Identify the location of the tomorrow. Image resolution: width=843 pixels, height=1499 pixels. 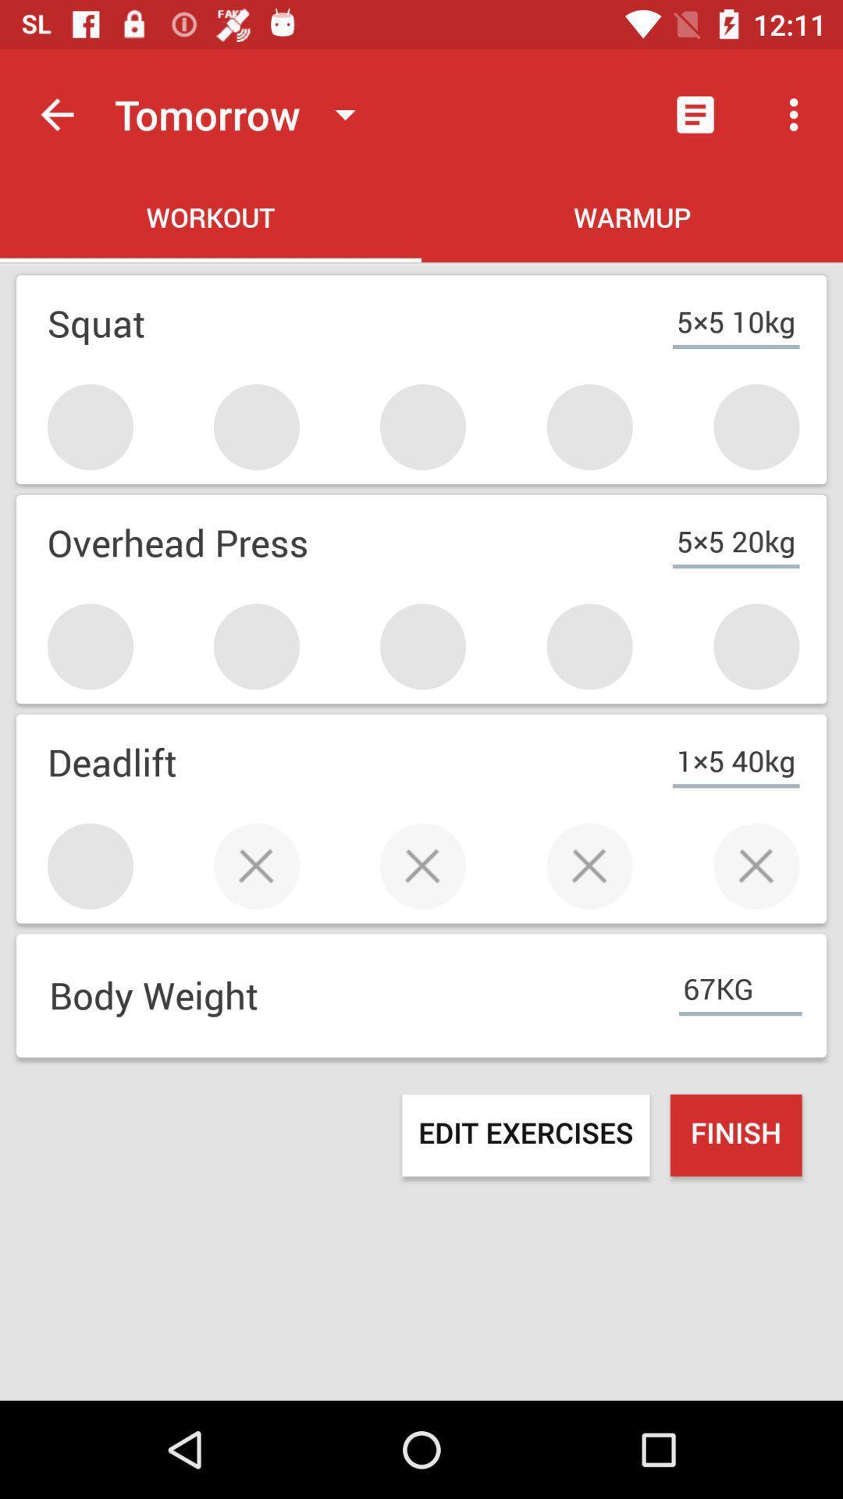
(242, 113).